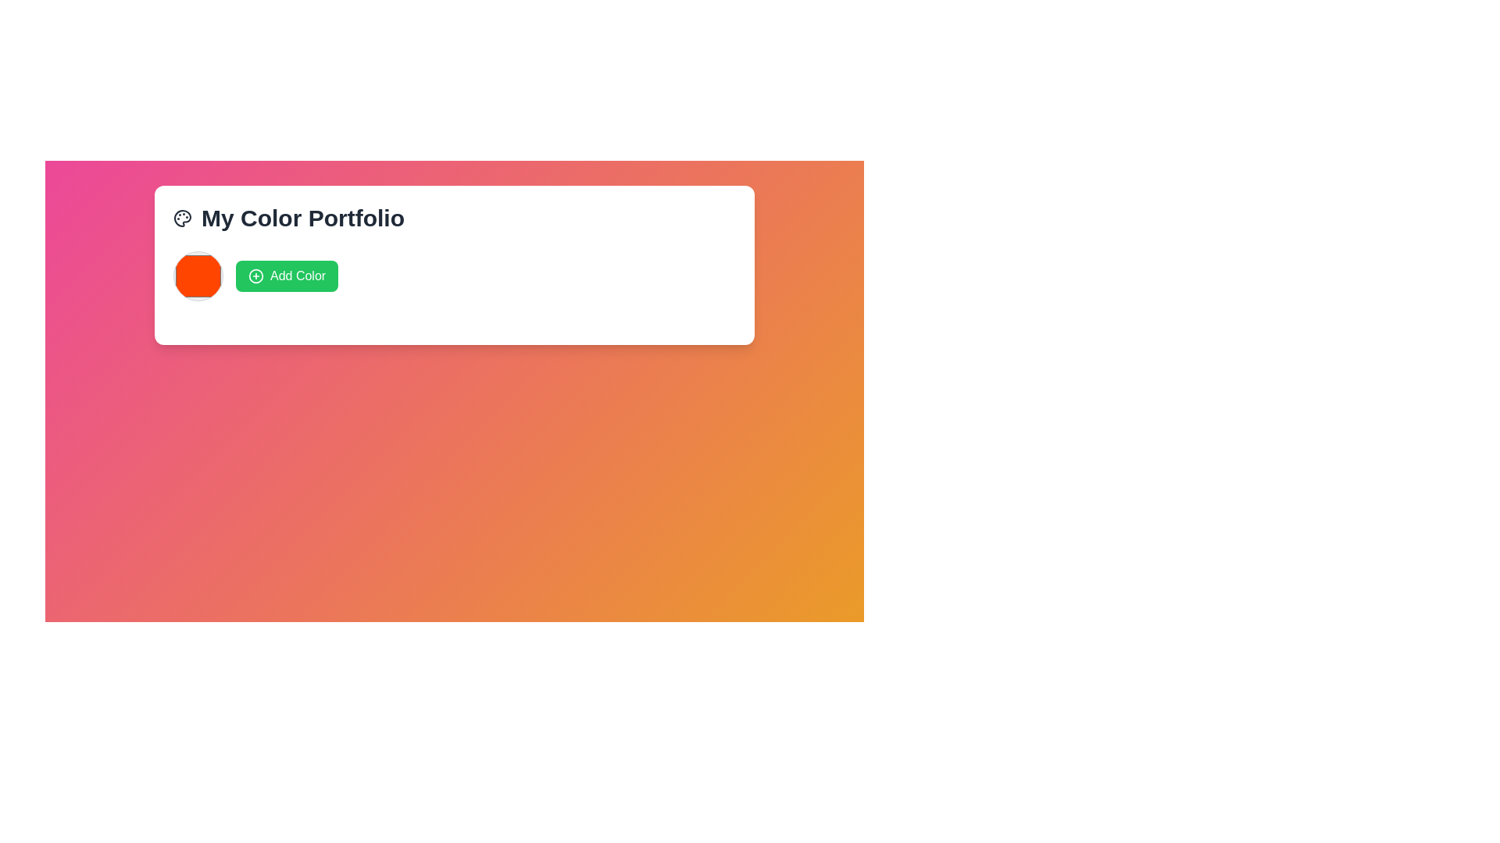 The image size is (1500, 843). I want to click on the circular color selection button located in the 'My Color Portfolio' box, so click(198, 276).